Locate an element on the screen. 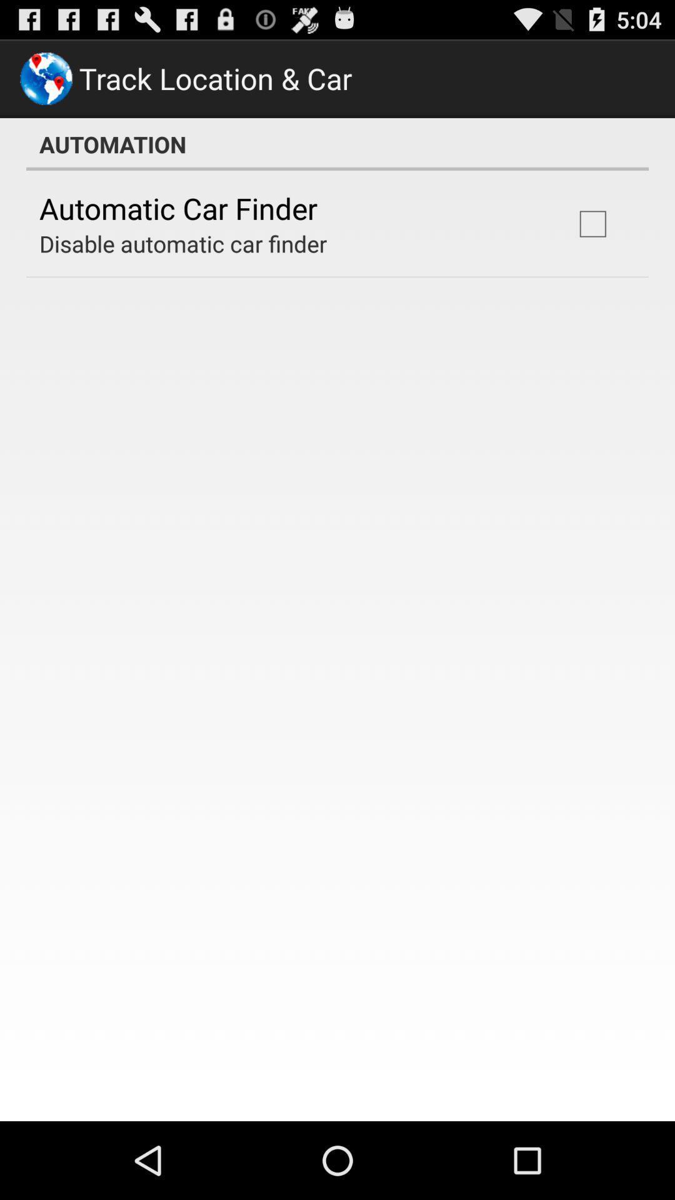  app below automation is located at coordinates (592, 224).